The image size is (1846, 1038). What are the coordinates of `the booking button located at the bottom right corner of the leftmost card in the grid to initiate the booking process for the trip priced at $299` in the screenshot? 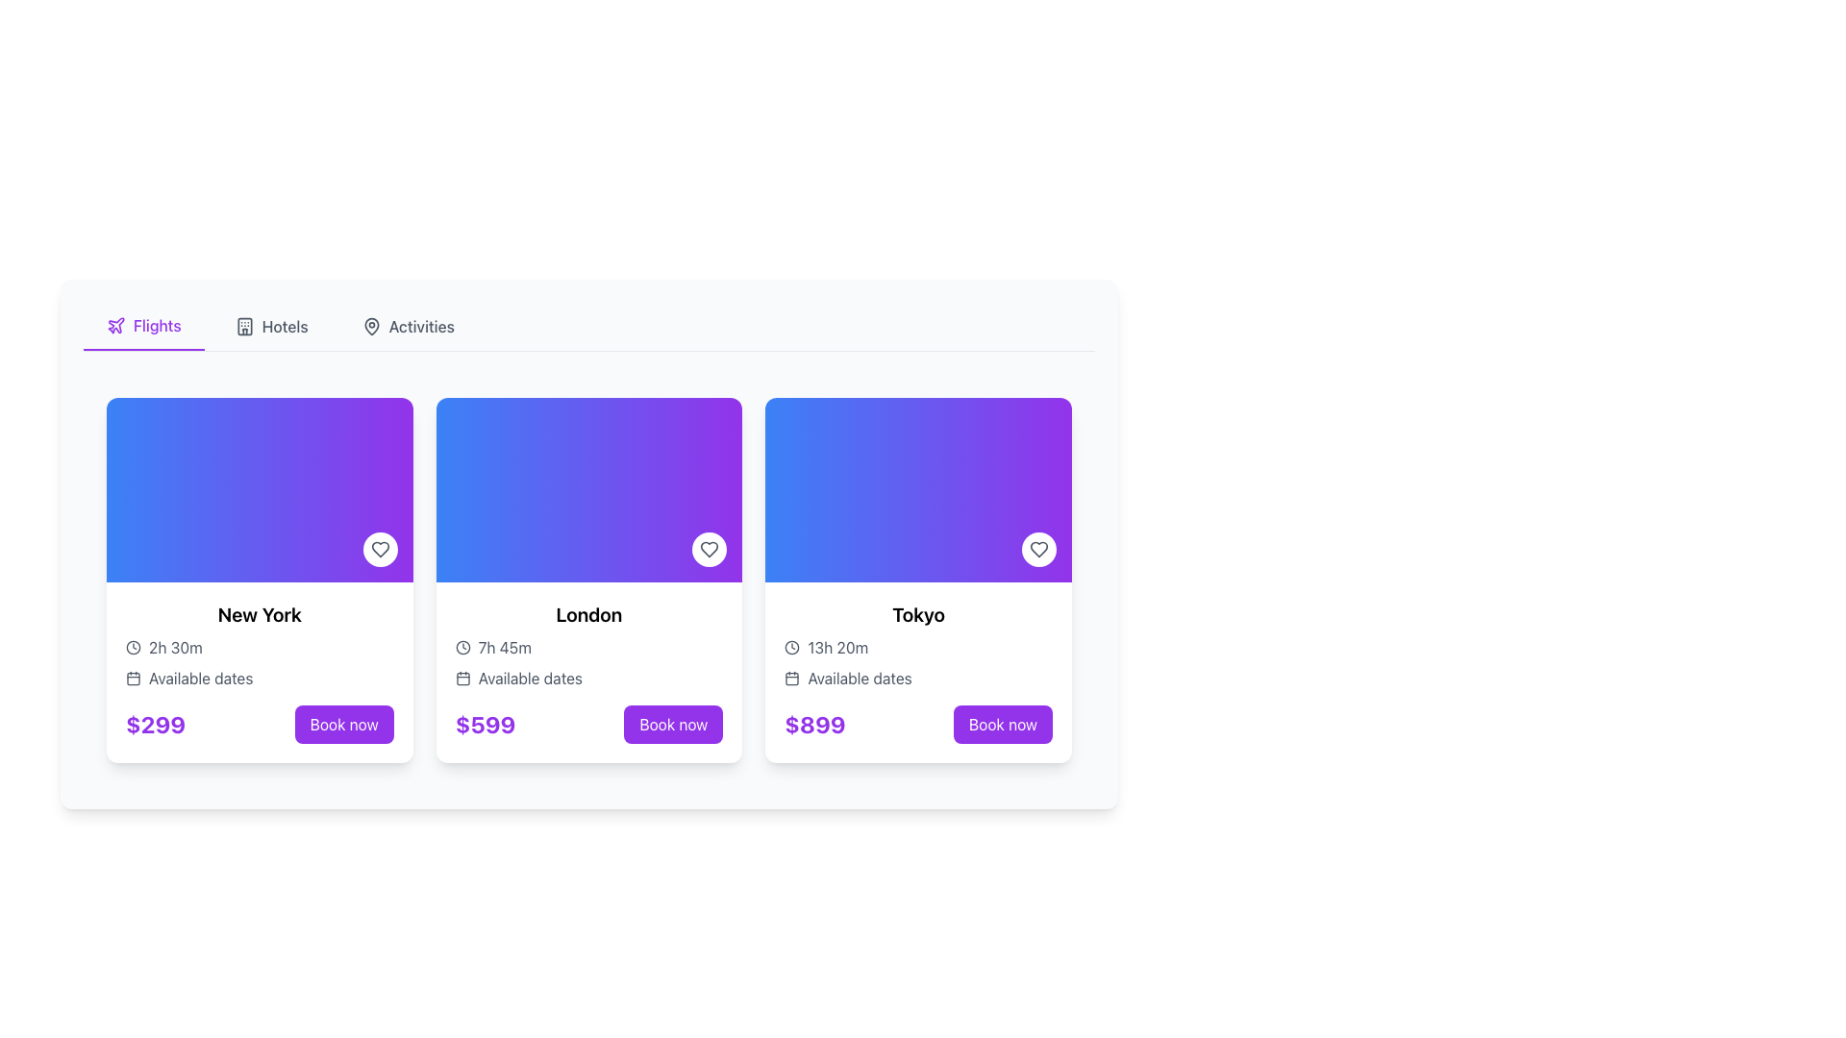 It's located at (344, 724).